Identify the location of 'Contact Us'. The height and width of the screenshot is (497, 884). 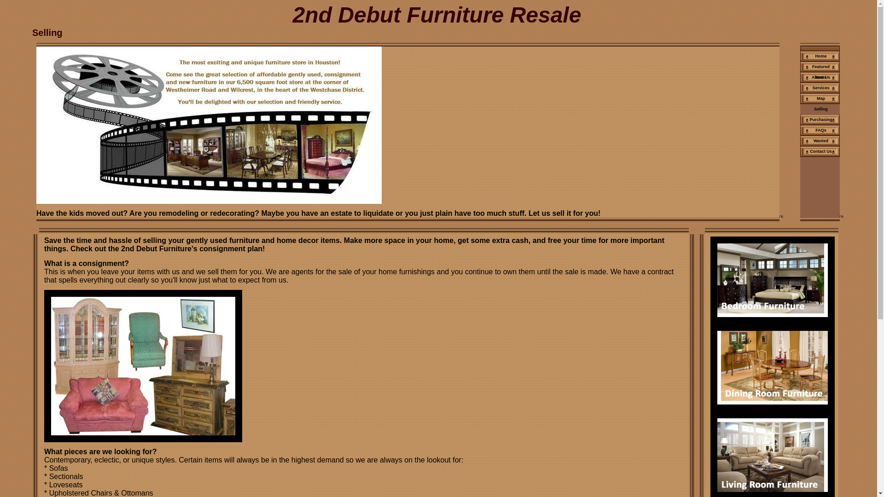
(820, 151).